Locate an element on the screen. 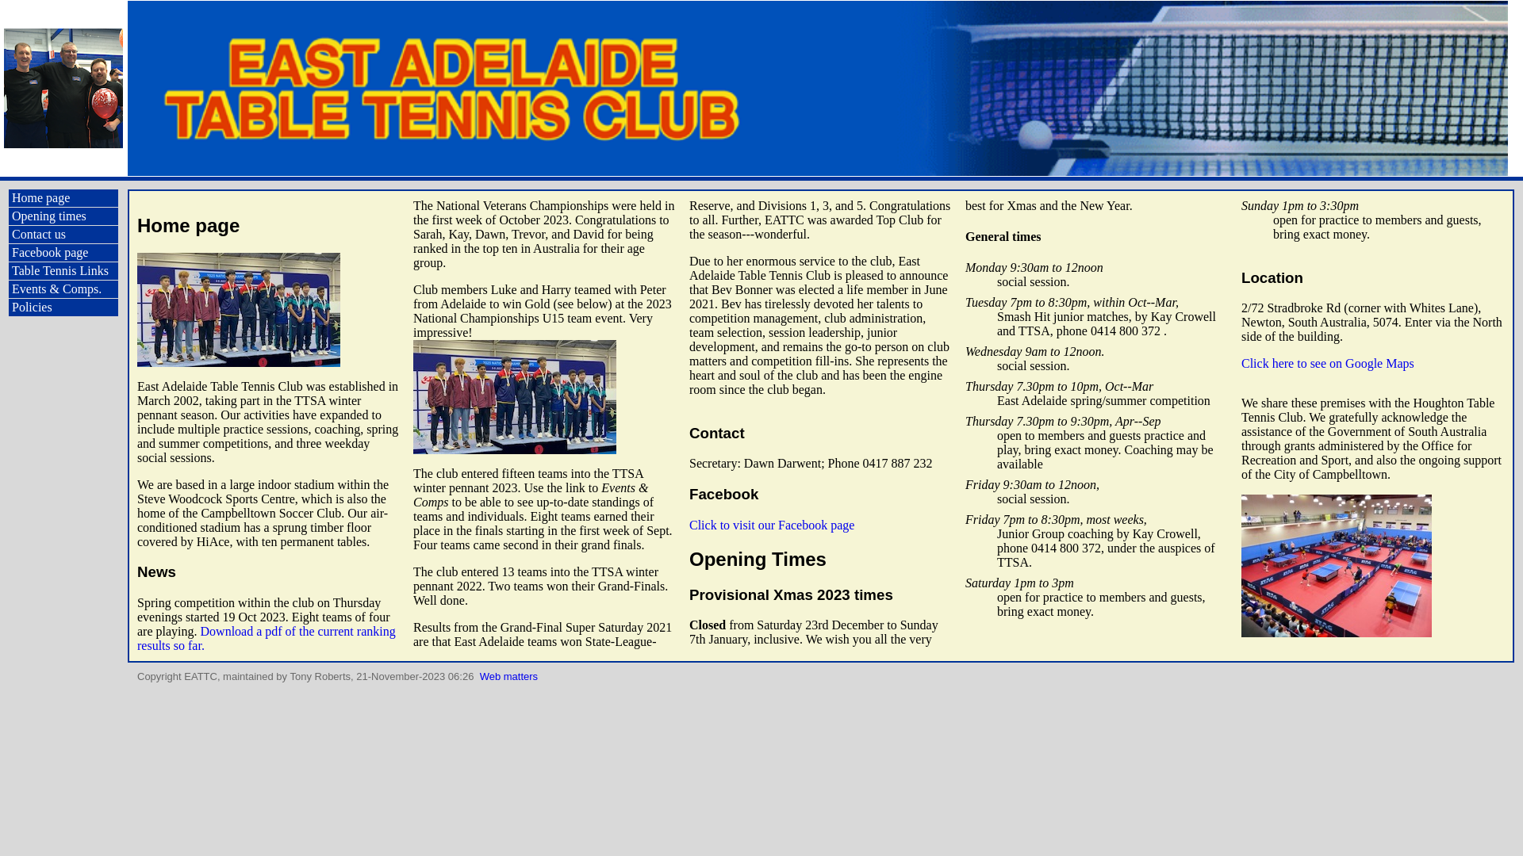 The width and height of the screenshot is (1523, 856). 'Click here to see on Google Maps' is located at coordinates (1328, 363).